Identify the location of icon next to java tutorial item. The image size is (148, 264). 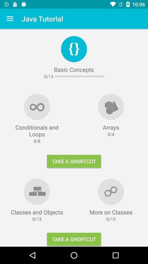
(10, 19).